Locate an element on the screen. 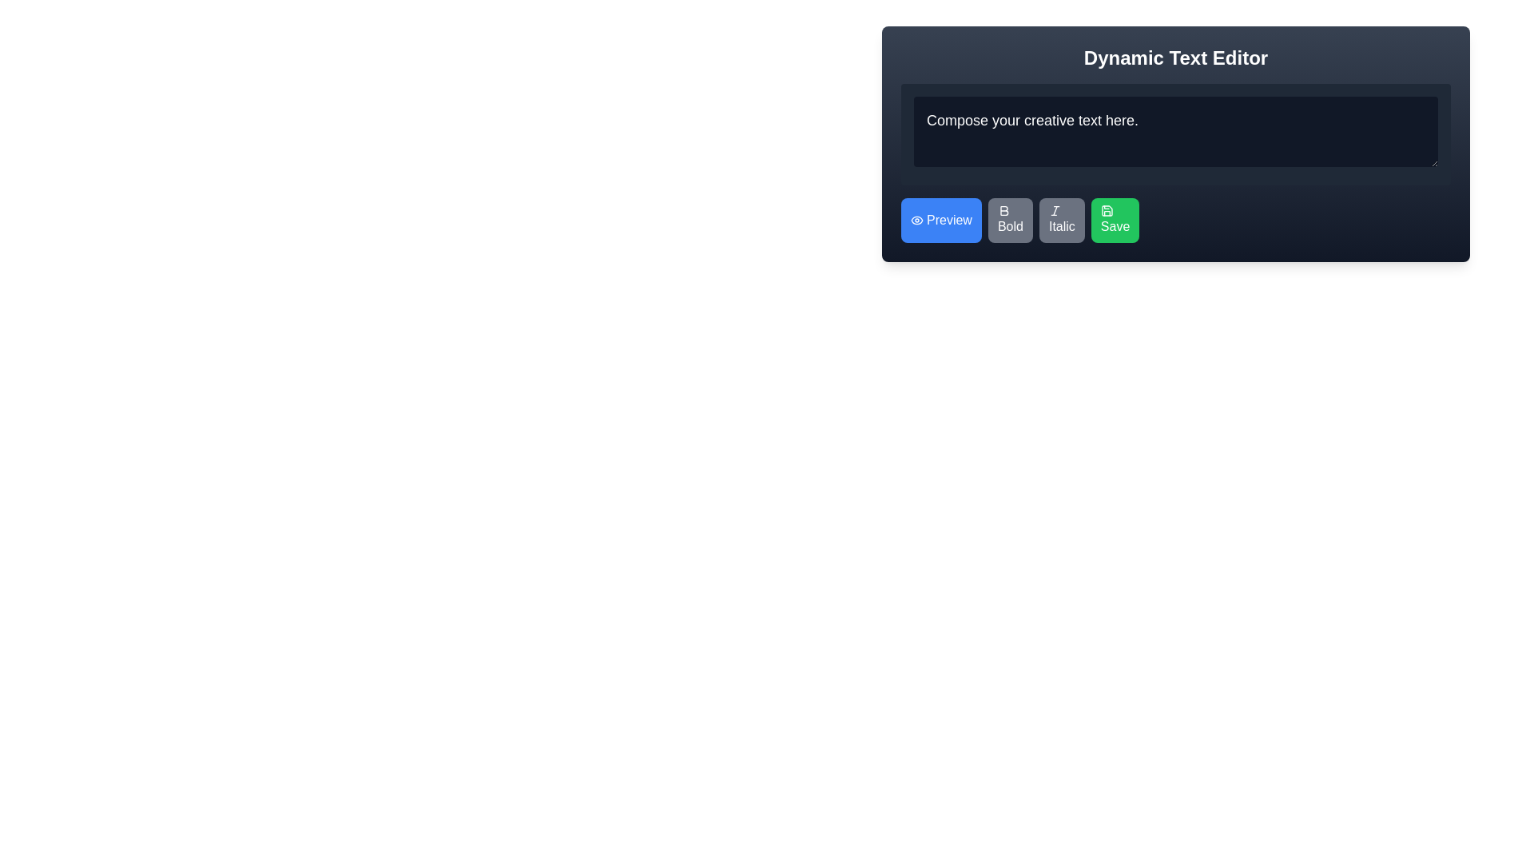  the bold-style 'B' icon with a gray background located in the center of the toolbar beneath the text area to apply bold formatting is located at coordinates (1003, 209).